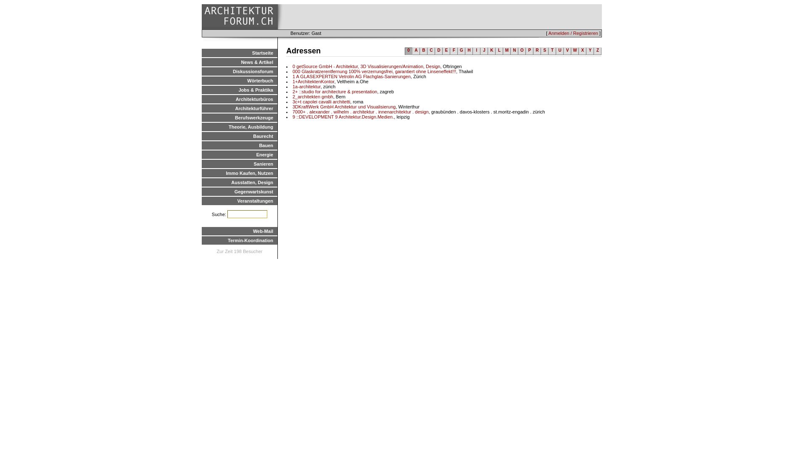  What do you see at coordinates (239, 182) in the screenshot?
I see `'Ausstatten, Design'` at bounding box center [239, 182].